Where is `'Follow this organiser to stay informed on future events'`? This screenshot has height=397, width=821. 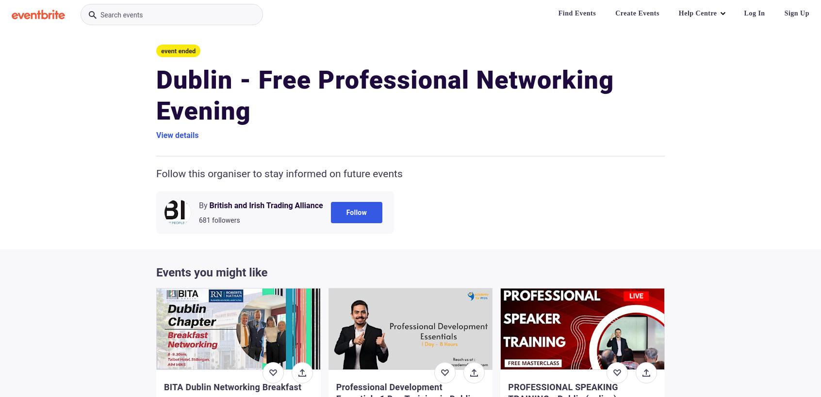 'Follow this organiser to stay informed on future events' is located at coordinates (155, 173).